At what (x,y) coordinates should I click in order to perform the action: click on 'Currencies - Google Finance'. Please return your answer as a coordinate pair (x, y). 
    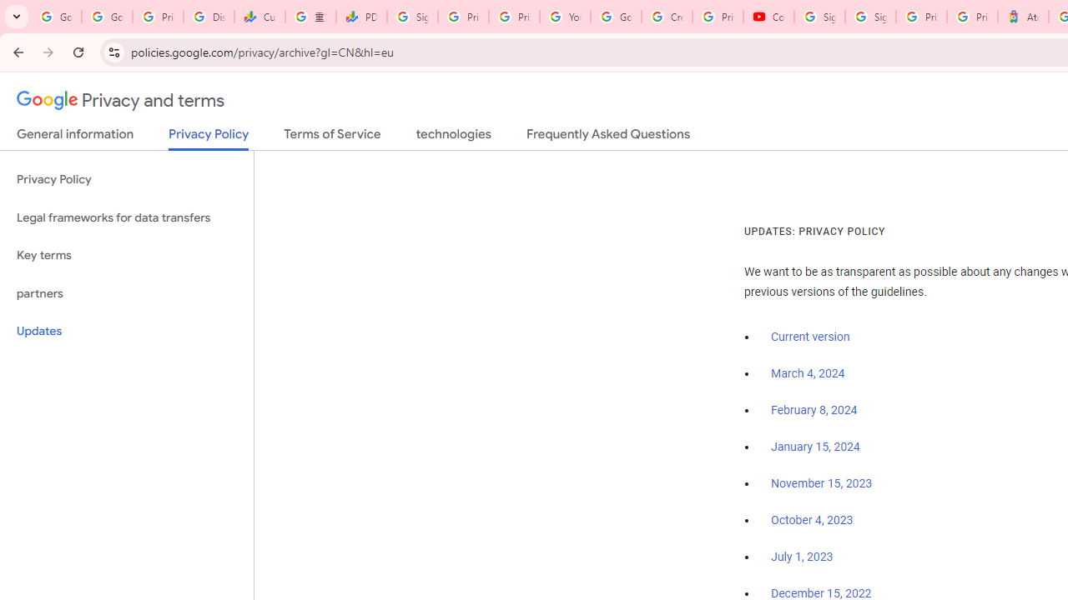
    Looking at the image, I should click on (259, 17).